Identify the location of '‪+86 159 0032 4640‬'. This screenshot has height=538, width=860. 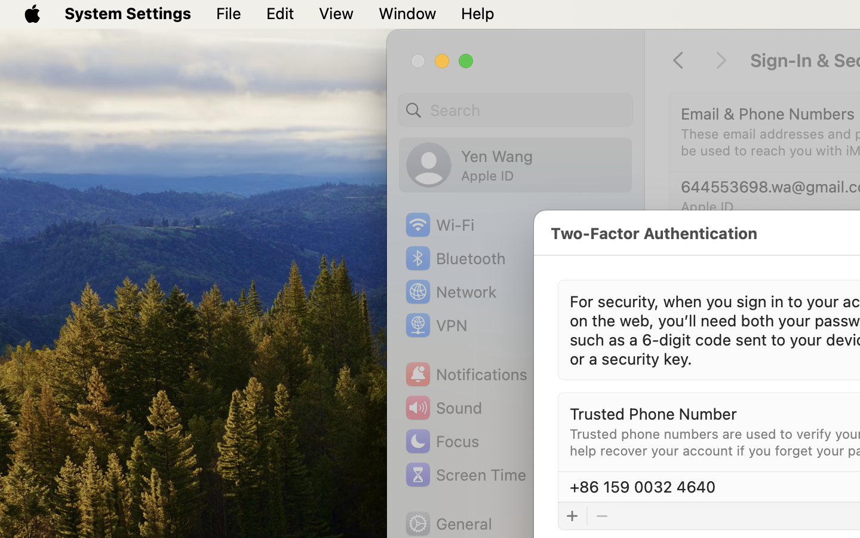
(642, 486).